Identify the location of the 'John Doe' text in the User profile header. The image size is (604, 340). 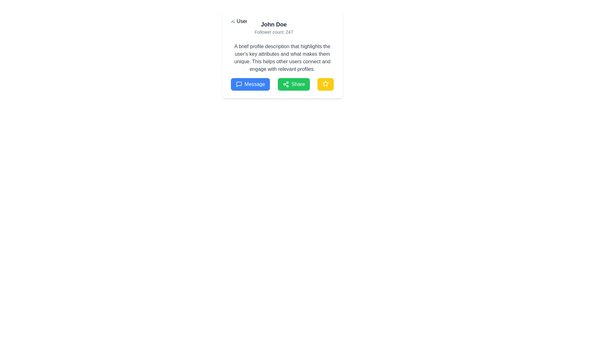
(282, 27).